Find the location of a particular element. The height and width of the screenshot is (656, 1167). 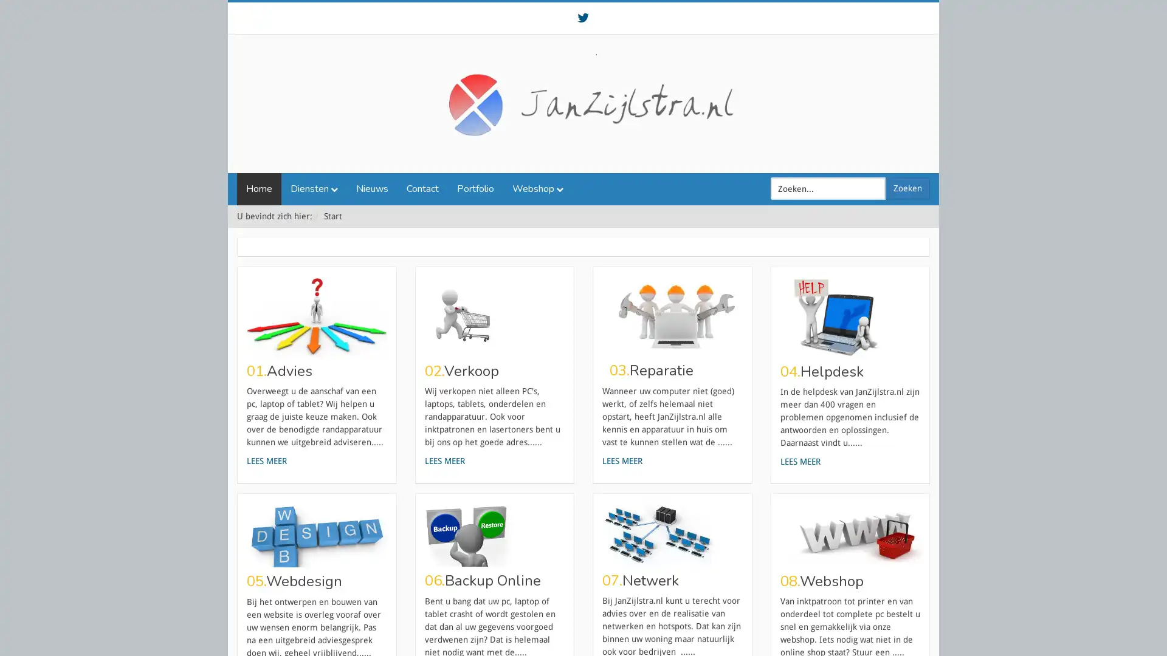

Zoeken is located at coordinates (907, 188).